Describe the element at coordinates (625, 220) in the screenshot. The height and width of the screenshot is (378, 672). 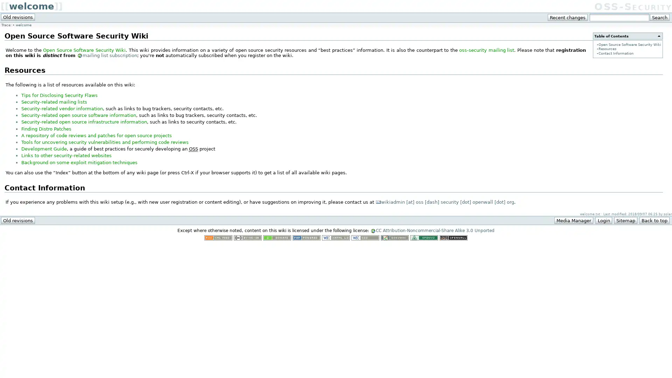
I see `Sitemap` at that location.